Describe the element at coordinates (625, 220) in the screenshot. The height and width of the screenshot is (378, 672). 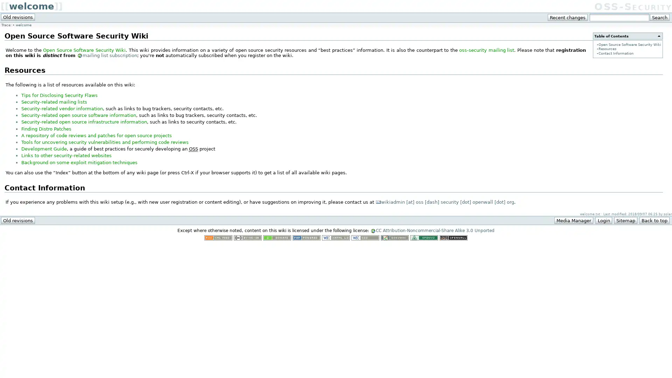
I see `Sitemap` at that location.